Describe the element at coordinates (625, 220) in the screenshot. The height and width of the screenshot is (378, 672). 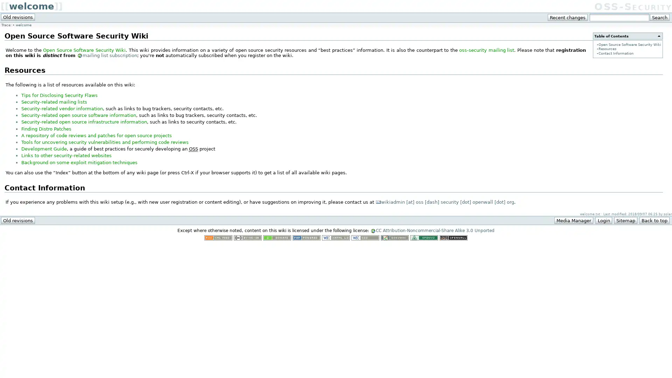
I see `Sitemap` at that location.